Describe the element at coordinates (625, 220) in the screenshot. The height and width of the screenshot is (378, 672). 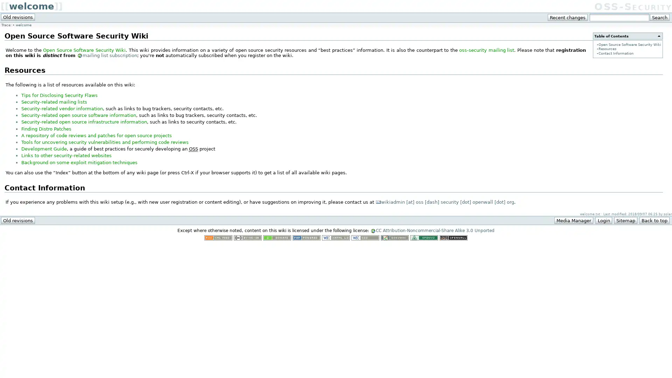
I see `Sitemap` at that location.